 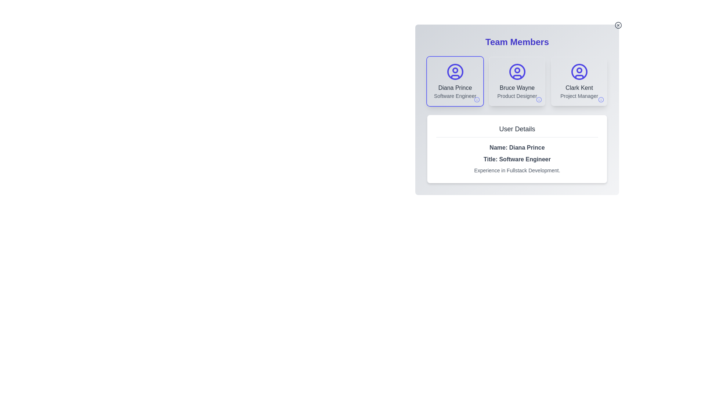 What do you see at coordinates (517, 81) in the screenshot?
I see `the User Profile Card displaying 'Bruce Wayne', which includes an icon, the name in bold, and the role 'Product Designer' below it` at bounding box center [517, 81].